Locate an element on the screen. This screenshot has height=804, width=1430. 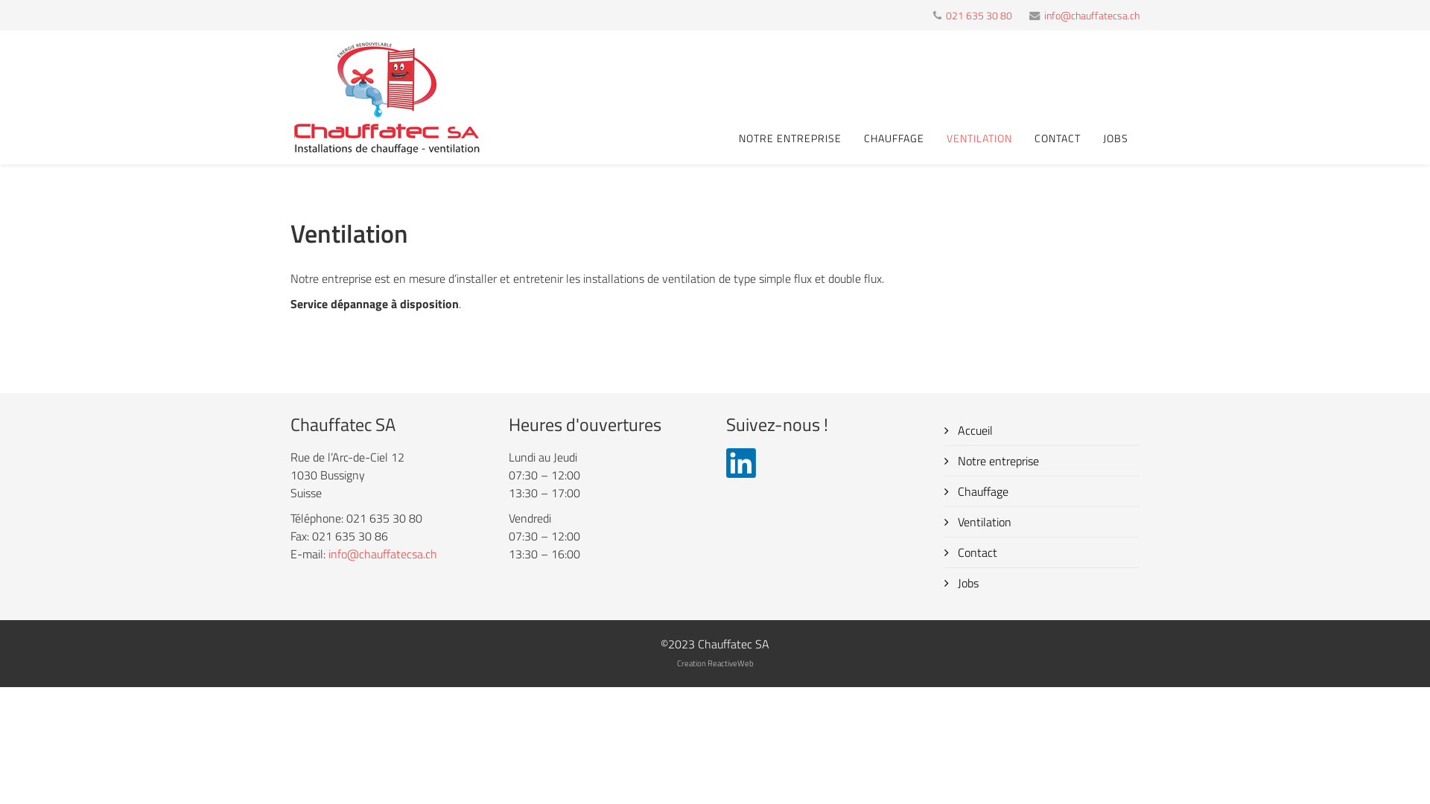
'CONTACT' is located at coordinates (1057, 138).